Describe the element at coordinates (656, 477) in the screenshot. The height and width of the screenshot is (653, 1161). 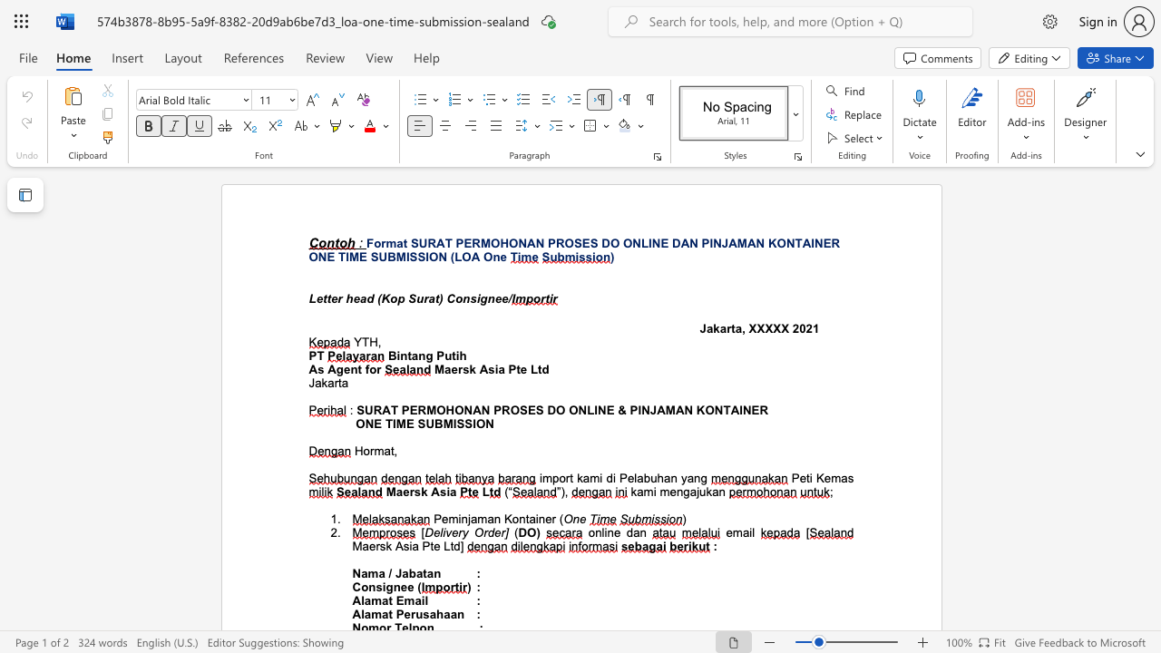
I see `the subset text "han y" within the text "import kami di Pelabuhan yang"` at that location.